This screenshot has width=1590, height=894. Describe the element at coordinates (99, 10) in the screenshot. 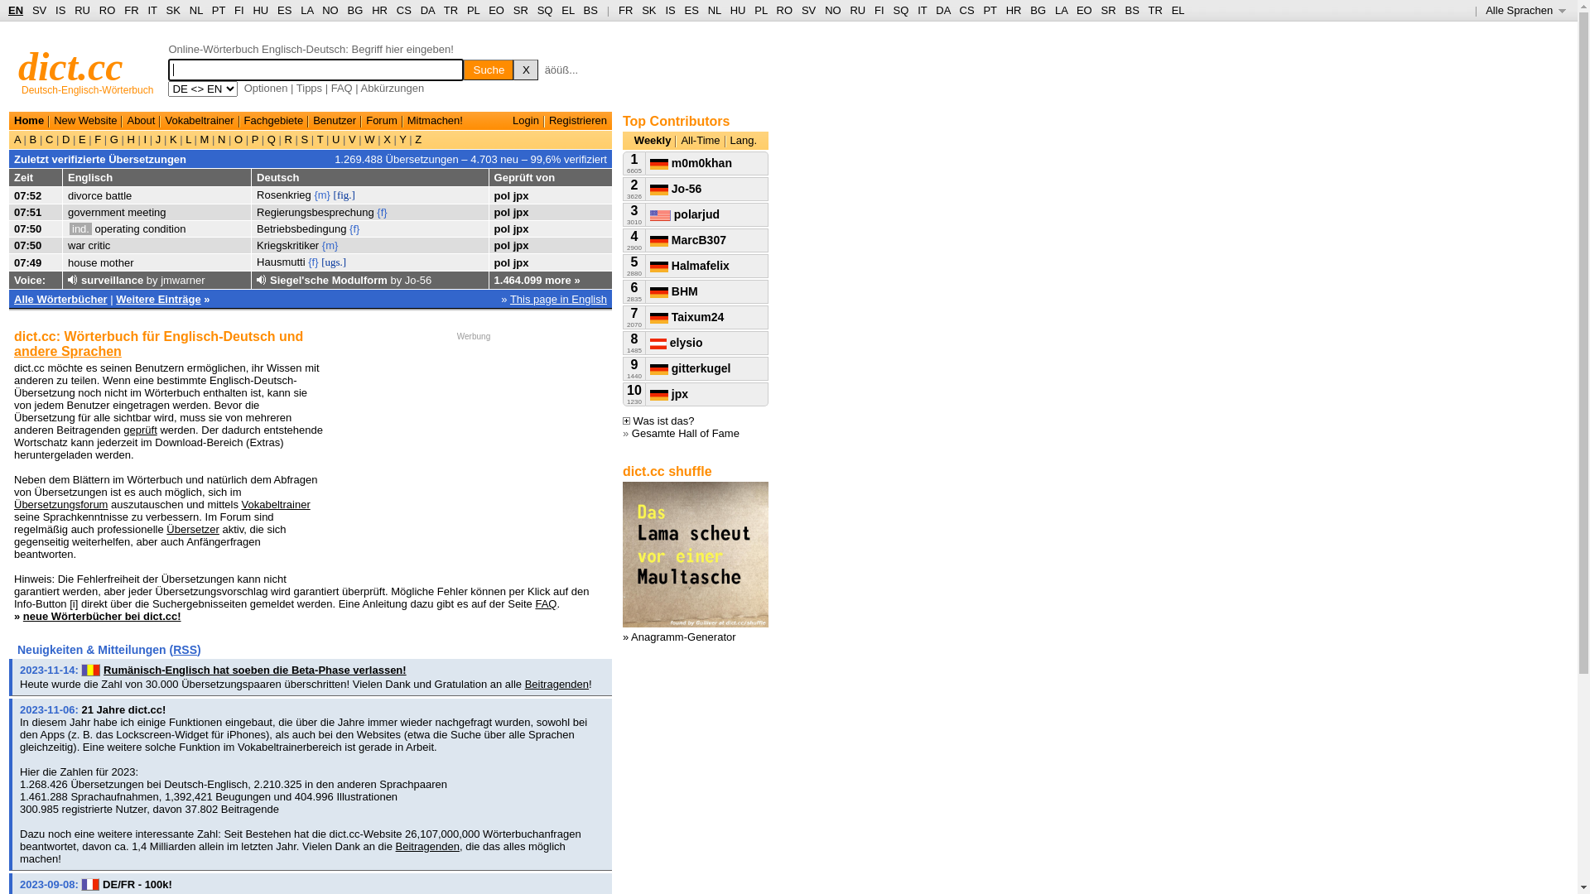

I see `'RO'` at that location.